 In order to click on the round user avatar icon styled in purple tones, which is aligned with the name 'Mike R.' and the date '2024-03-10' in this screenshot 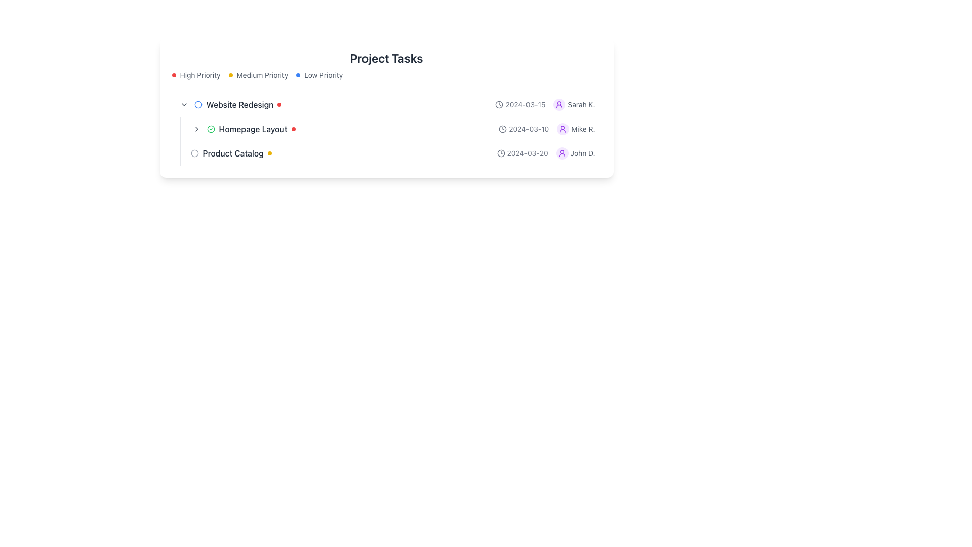, I will do `click(559, 105)`.